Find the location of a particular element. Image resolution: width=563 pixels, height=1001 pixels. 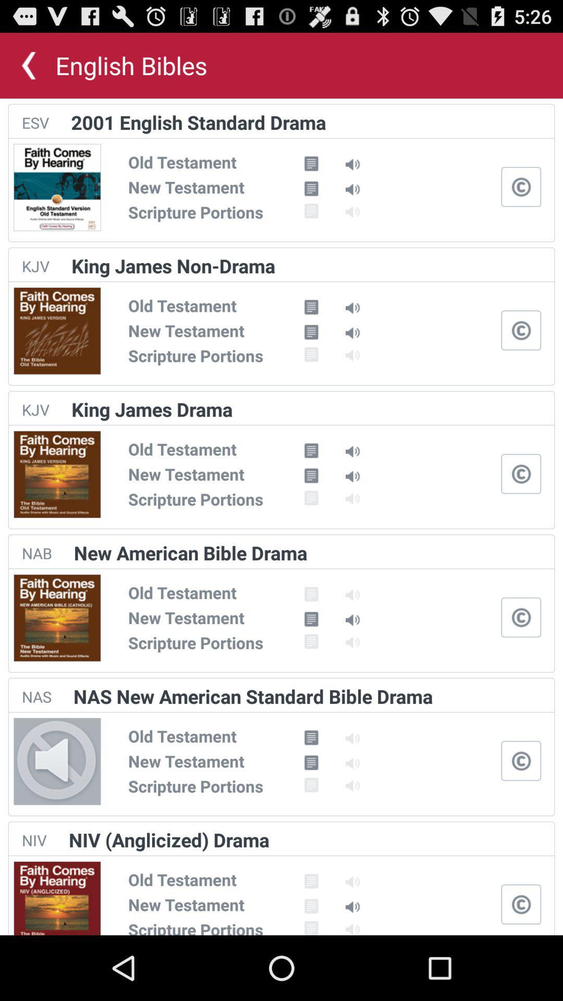

the nab item is located at coordinates (36, 552).